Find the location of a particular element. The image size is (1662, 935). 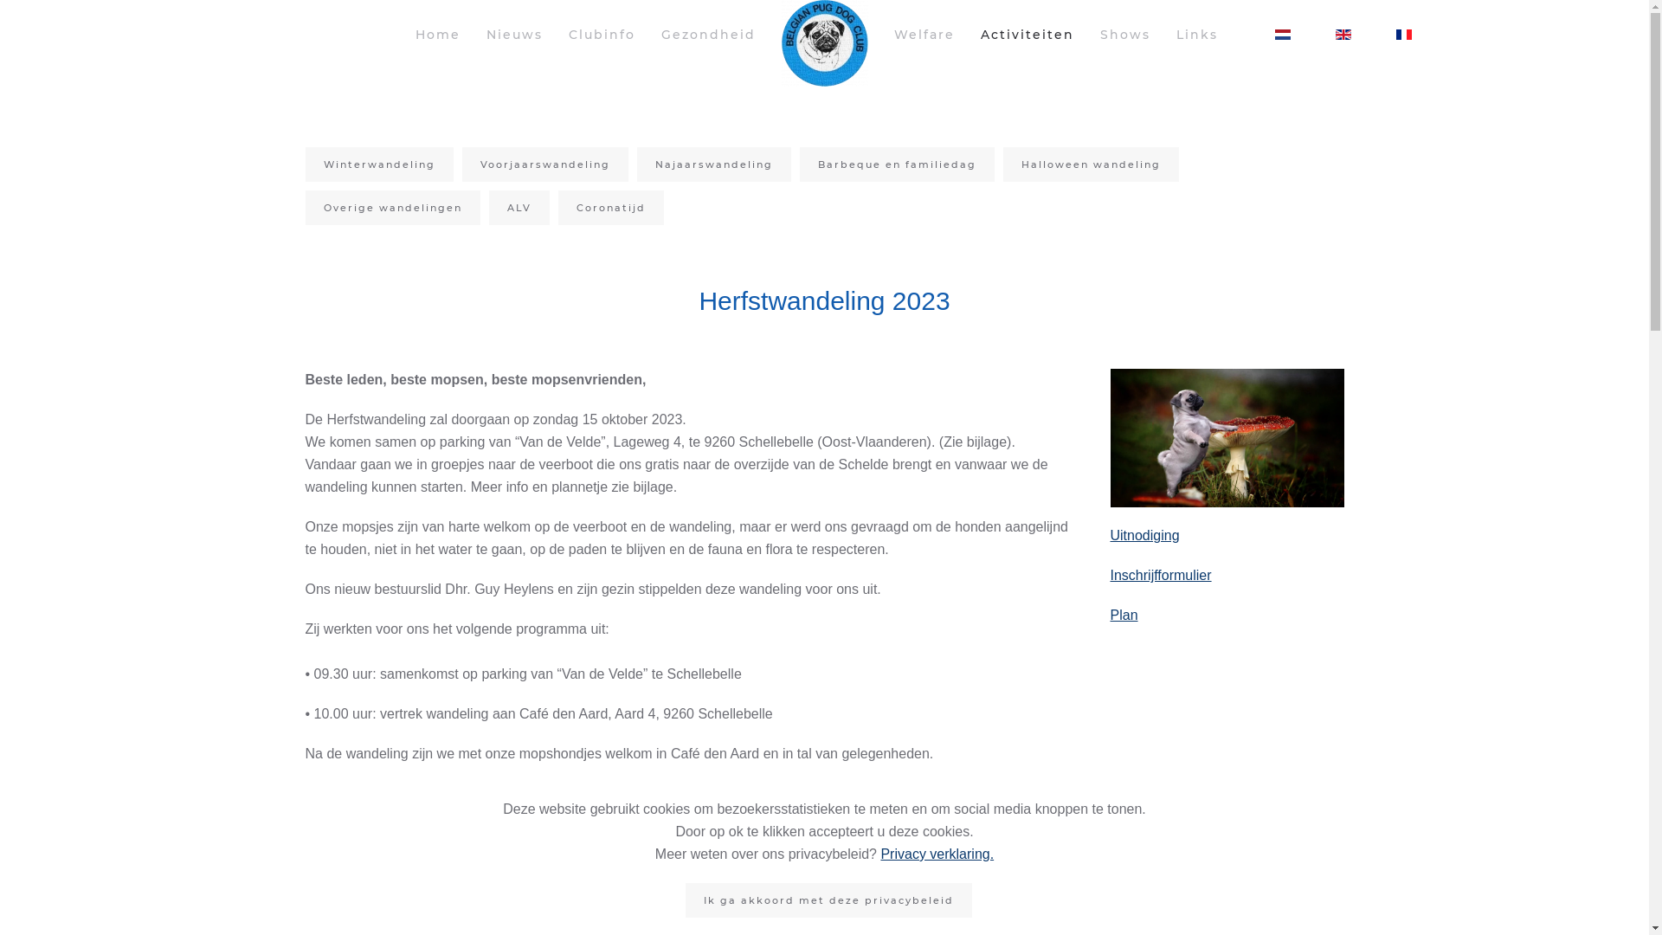

'Gezondheid' is located at coordinates (708, 34).